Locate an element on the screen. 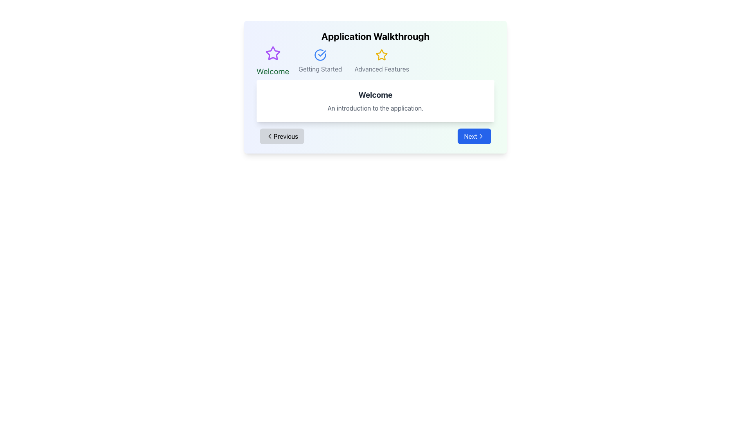  the 'Next' button located at the bottom-right of the modal dialog, which contains the right-pointing chevron icon is located at coordinates (480, 136).